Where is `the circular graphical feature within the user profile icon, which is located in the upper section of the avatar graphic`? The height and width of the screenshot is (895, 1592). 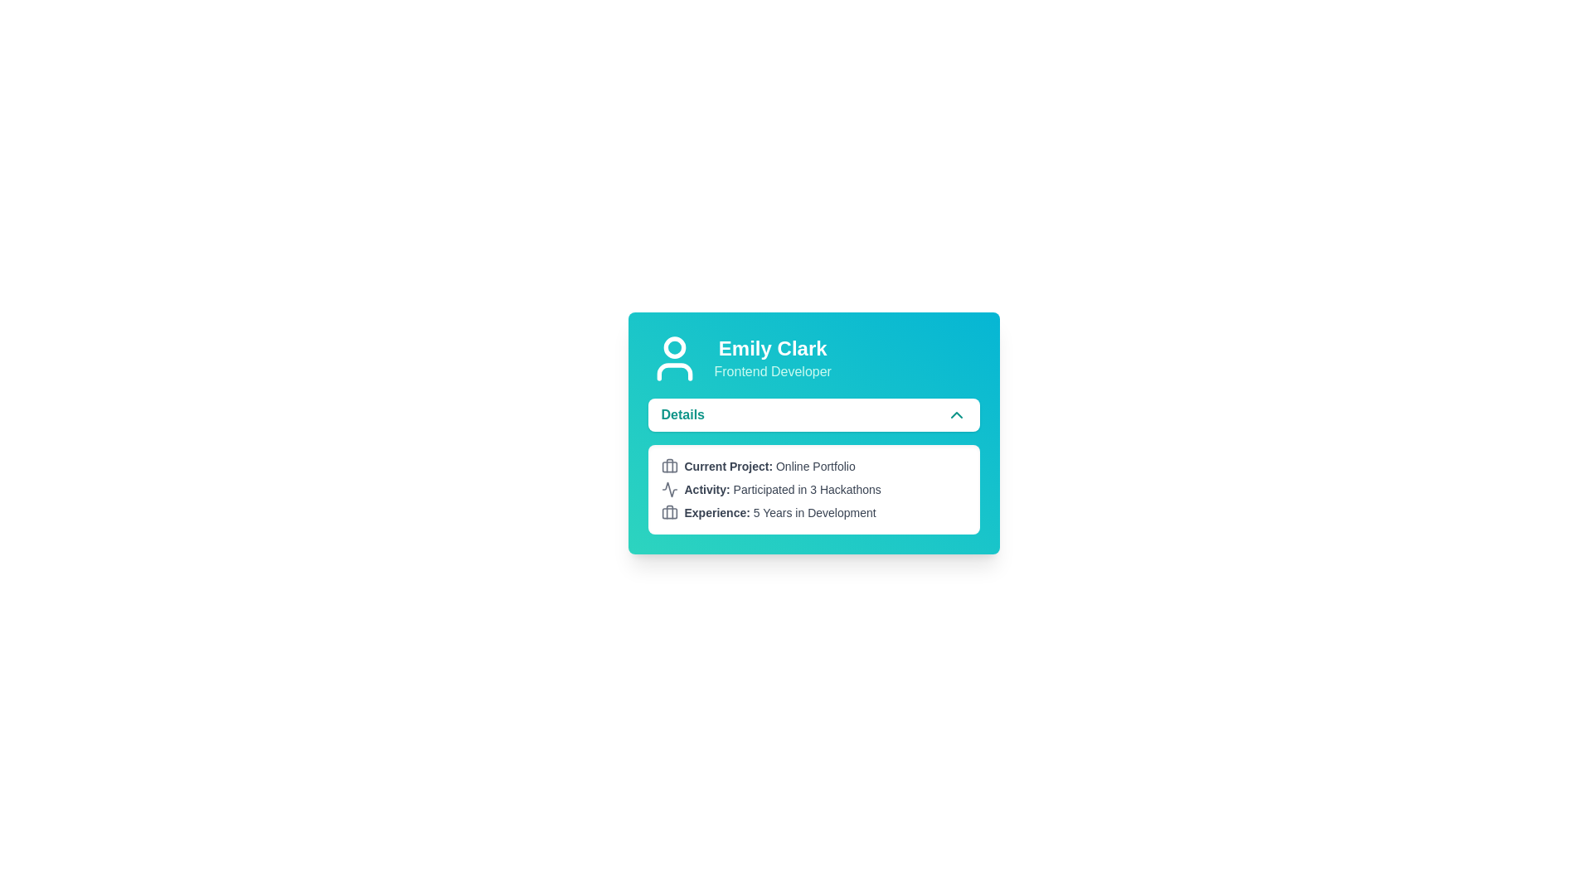
the circular graphical feature within the user profile icon, which is located in the upper section of the avatar graphic is located at coordinates (674, 346).